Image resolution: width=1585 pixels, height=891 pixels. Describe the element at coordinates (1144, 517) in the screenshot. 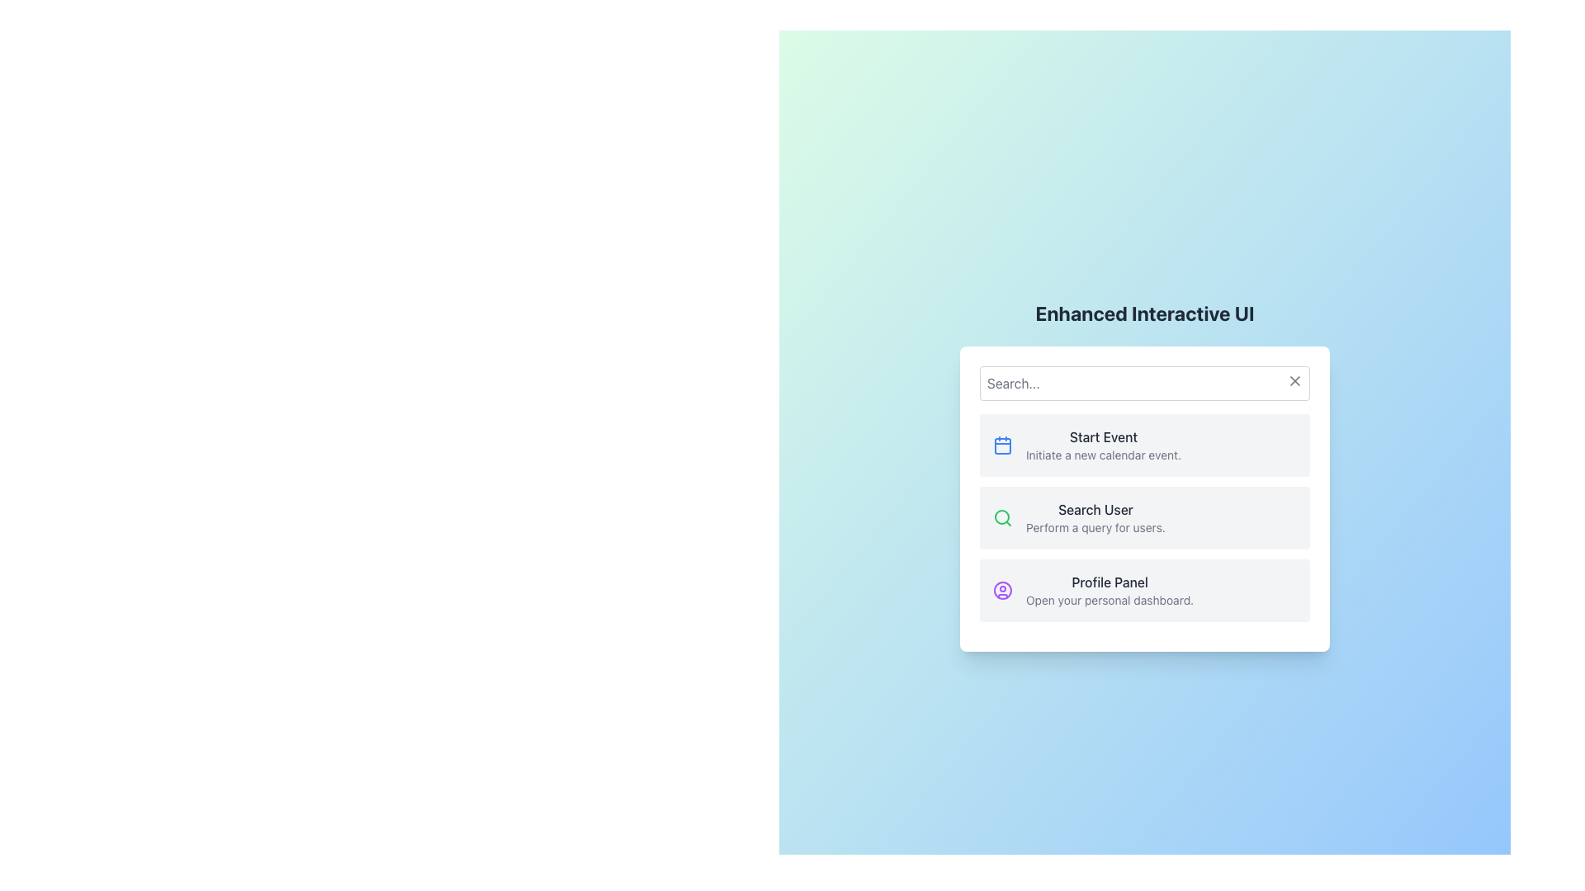

I see `the 'Search User' menu option` at that location.